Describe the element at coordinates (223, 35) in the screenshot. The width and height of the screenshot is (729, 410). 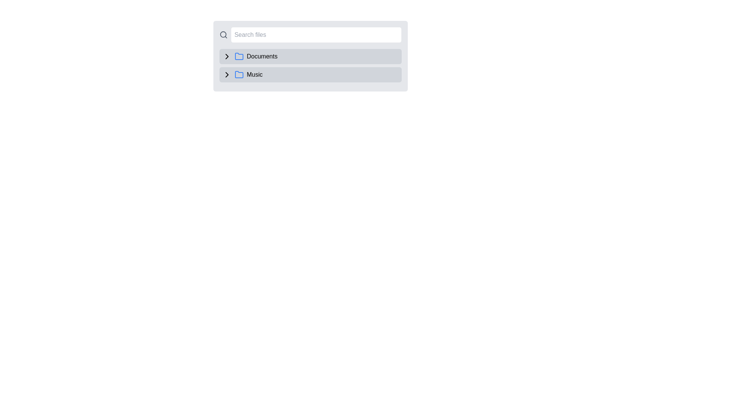
I see `the decorative SVG Circle that is part of the magnifying glass symbol located at the top-left of the input search box` at that location.